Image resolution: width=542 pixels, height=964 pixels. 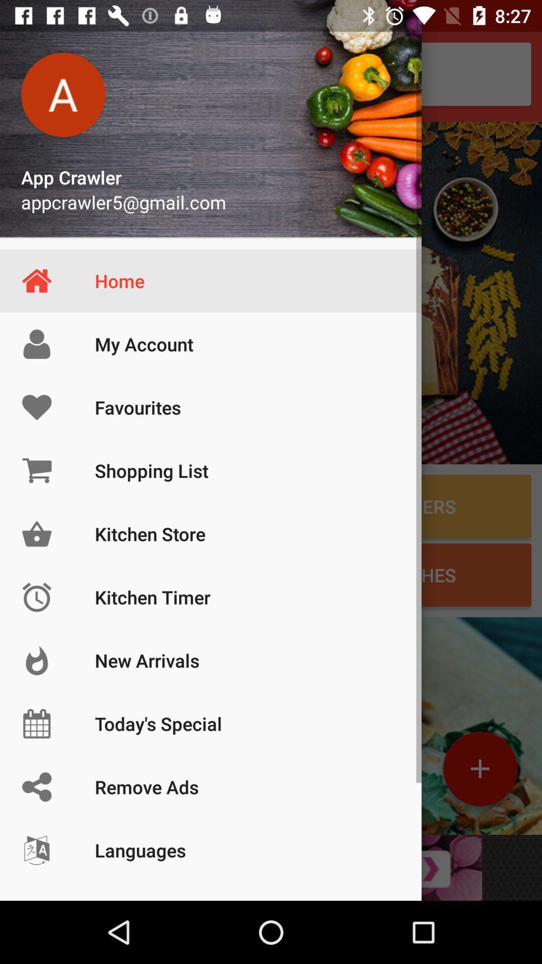 I want to click on the add icon, so click(x=479, y=772).